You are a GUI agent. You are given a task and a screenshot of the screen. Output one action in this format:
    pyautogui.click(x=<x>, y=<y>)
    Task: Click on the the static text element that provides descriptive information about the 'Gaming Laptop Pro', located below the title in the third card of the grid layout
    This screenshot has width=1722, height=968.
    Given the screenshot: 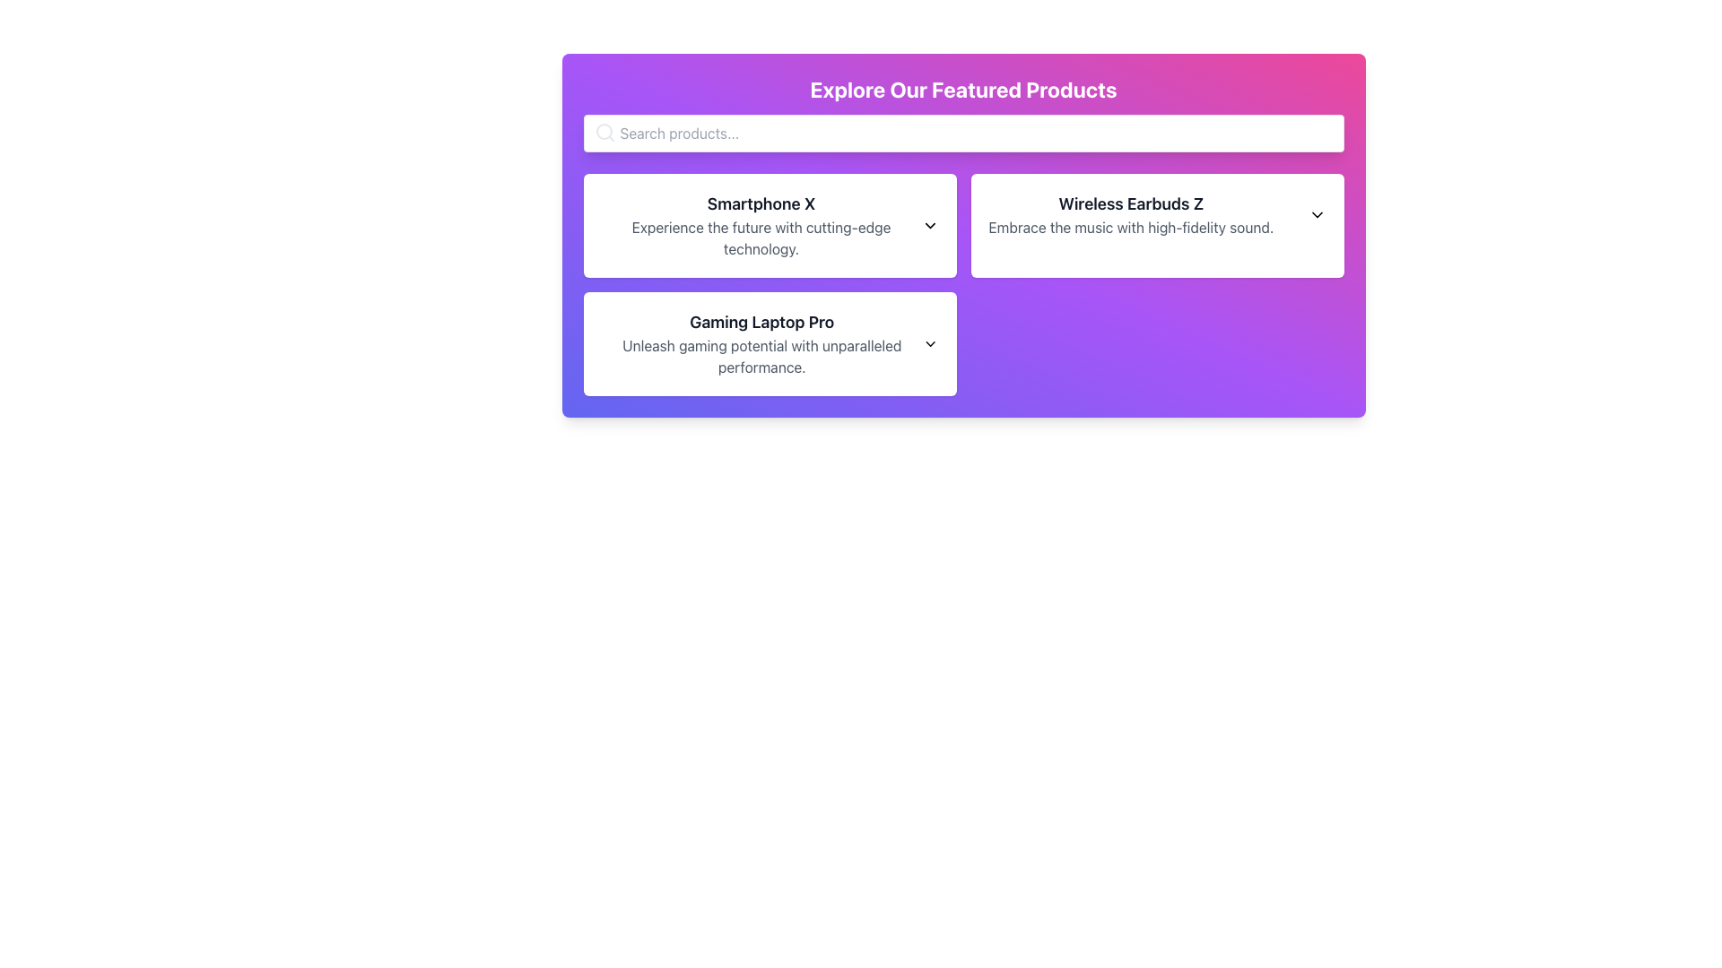 What is the action you would take?
    pyautogui.click(x=761, y=356)
    